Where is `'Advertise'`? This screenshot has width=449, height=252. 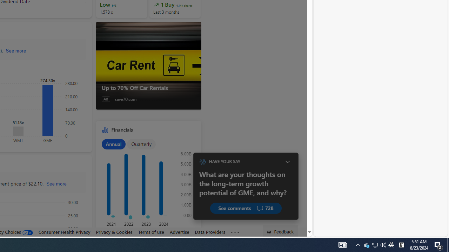
'Advertise' is located at coordinates (179, 232).